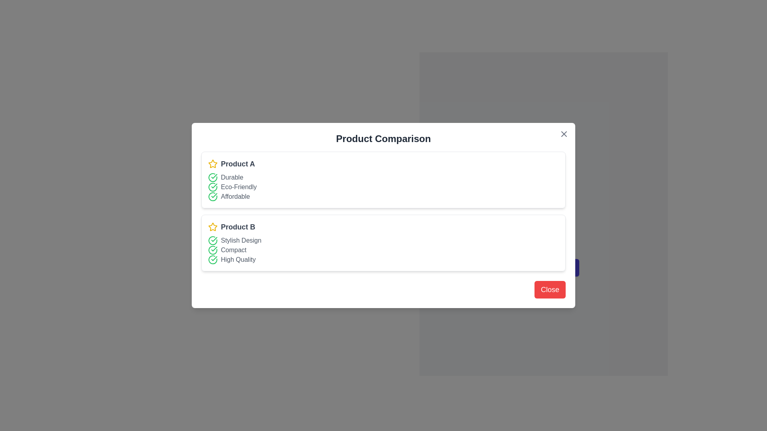 The height and width of the screenshot is (431, 767). I want to click on the visual indicator icon confirming 'Affordable' for 'Product A', which is the third item in the features list located in the modal dialog, so click(213, 197).